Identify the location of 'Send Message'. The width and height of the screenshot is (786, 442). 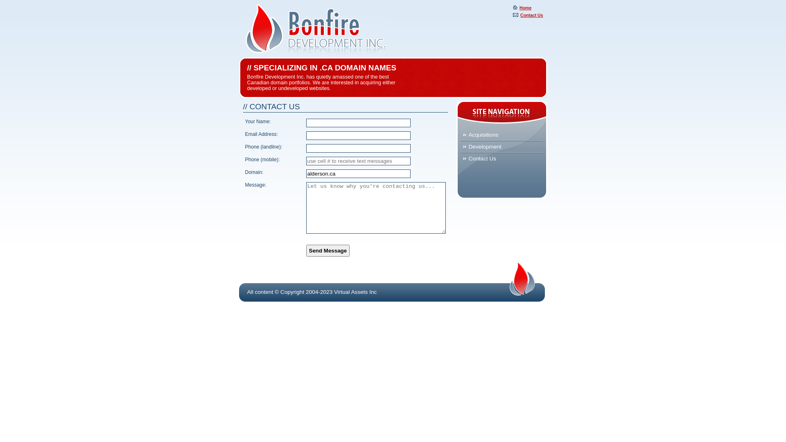
(306, 250).